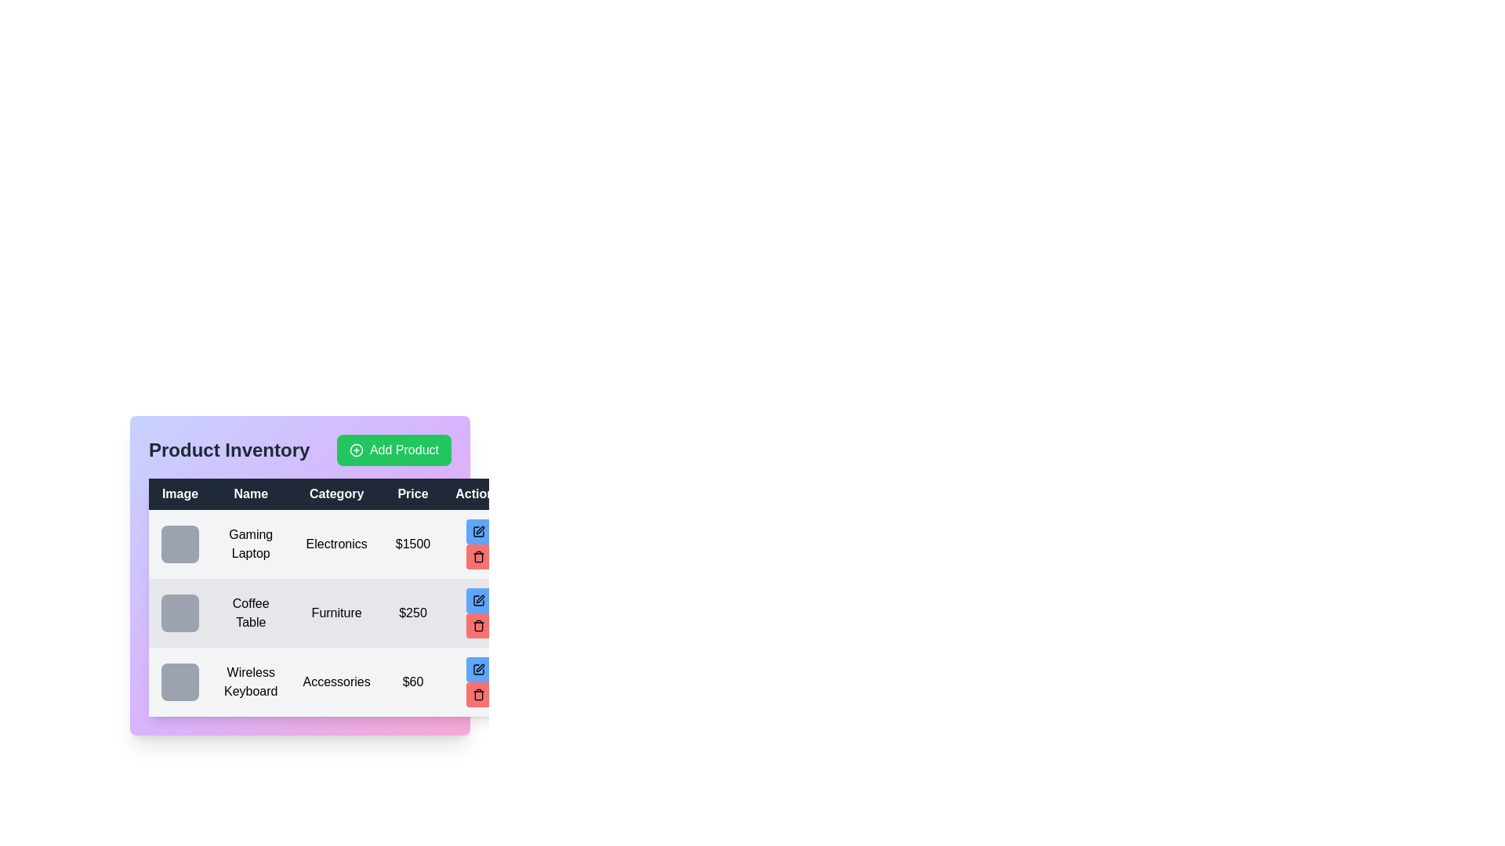 This screenshot has width=1505, height=846. Describe the element at coordinates (477, 694) in the screenshot. I see `the delete button located at the far right of the last row in the inventory table, positioned under the 'Action' column and aligned with the 'Wireless Keyboard' item` at that location.